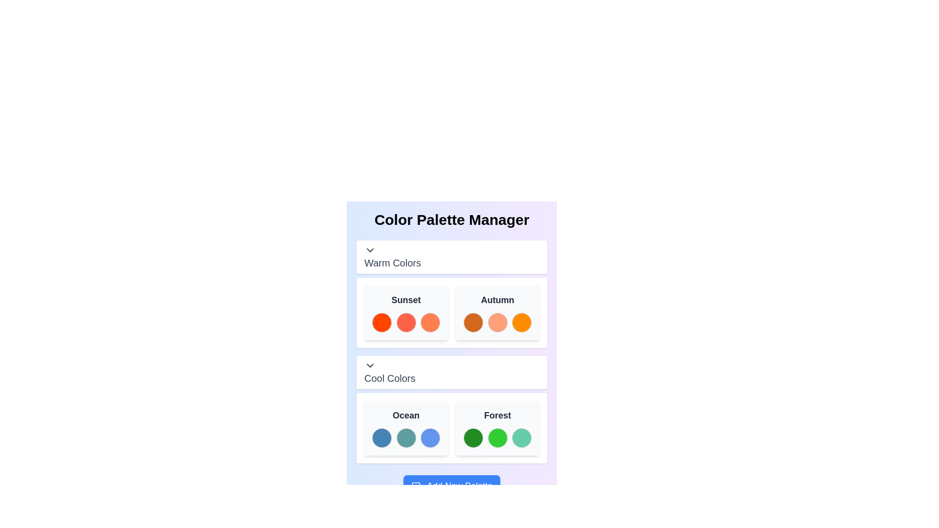 This screenshot has height=528, width=939. I want to click on the first color swatch representing a shade of blue in the 'Ocean' palette, so click(381, 437).